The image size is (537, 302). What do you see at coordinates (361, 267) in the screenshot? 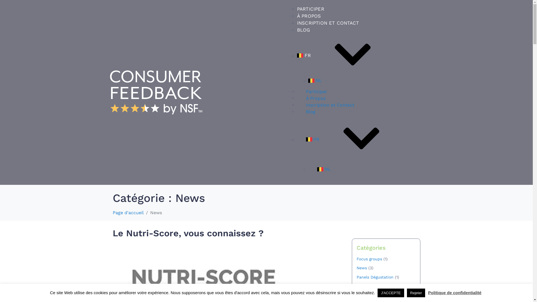
I see `'News'` at bounding box center [361, 267].